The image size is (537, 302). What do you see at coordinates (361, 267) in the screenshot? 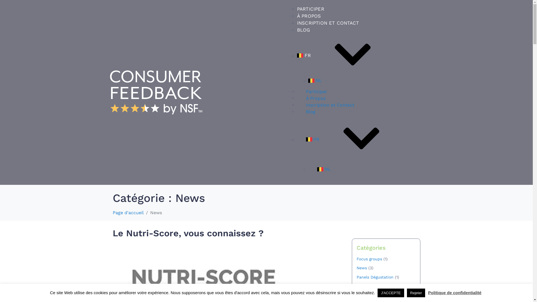
I see `'News'` at bounding box center [361, 267].